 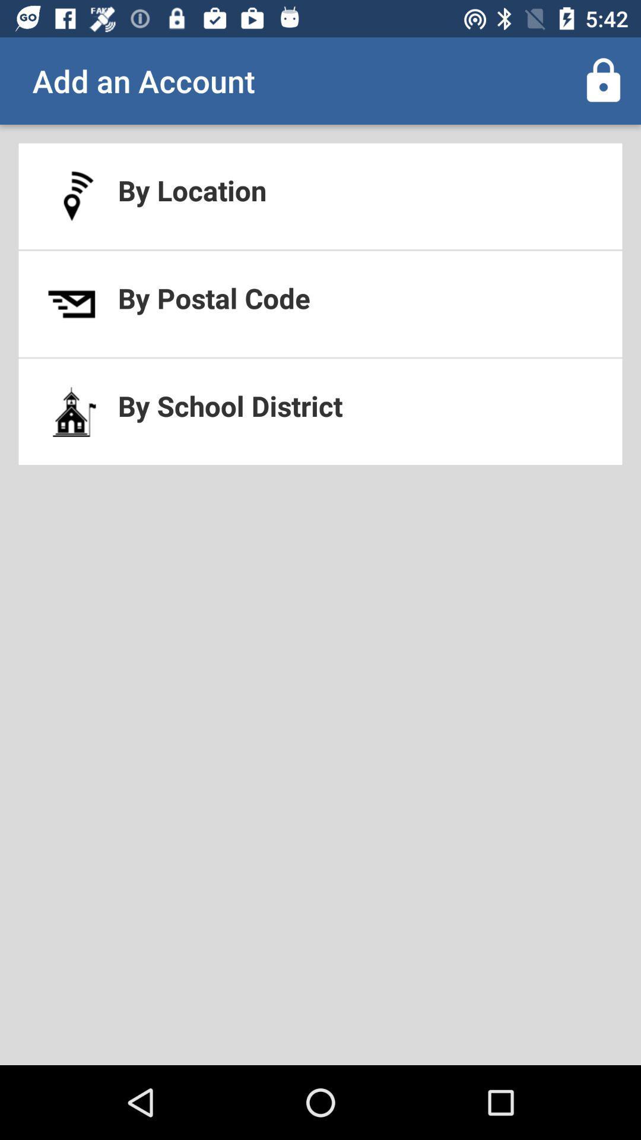 I want to click on the icon below    by location, so click(x=320, y=304).